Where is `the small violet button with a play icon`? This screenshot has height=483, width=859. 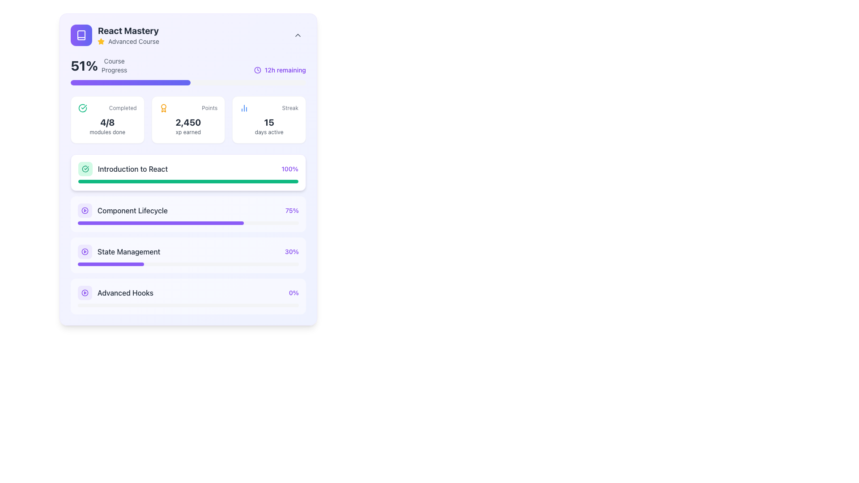 the small violet button with a play icon is located at coordinates (85, 293).